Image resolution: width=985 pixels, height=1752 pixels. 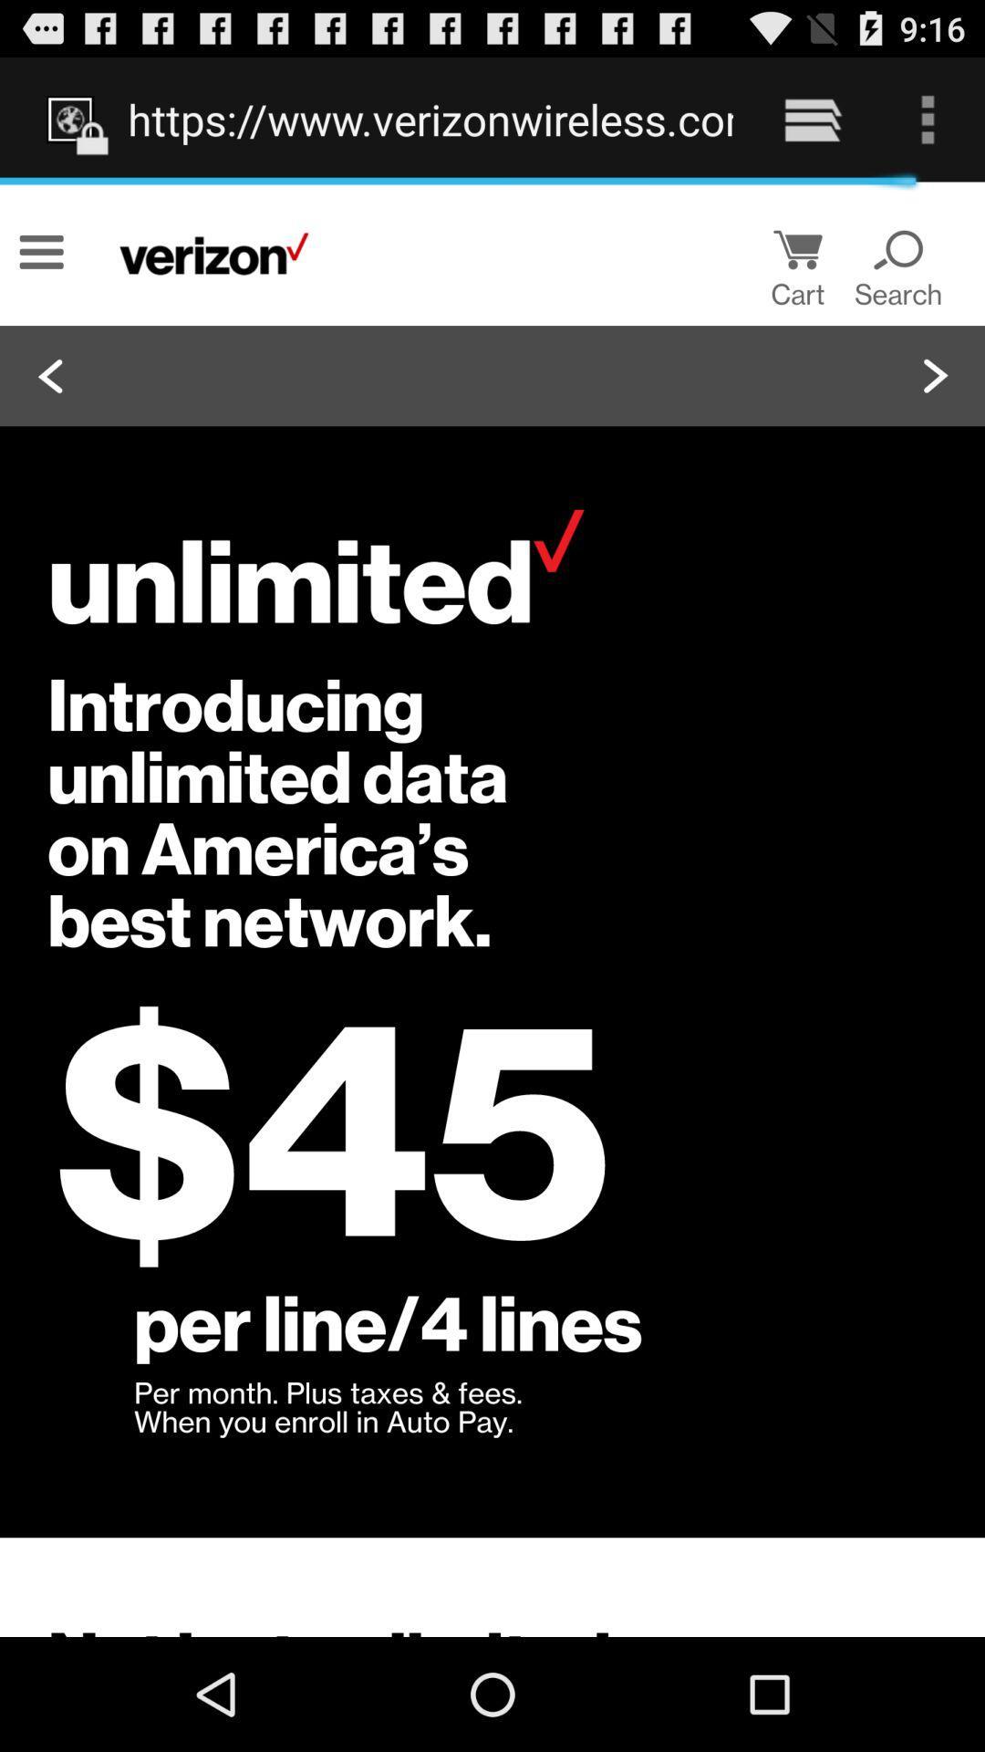 What do you see at coordinates (430, 119) in the screenshot?
I see `the https www verizonwireless` at bounding box center [430, 119].